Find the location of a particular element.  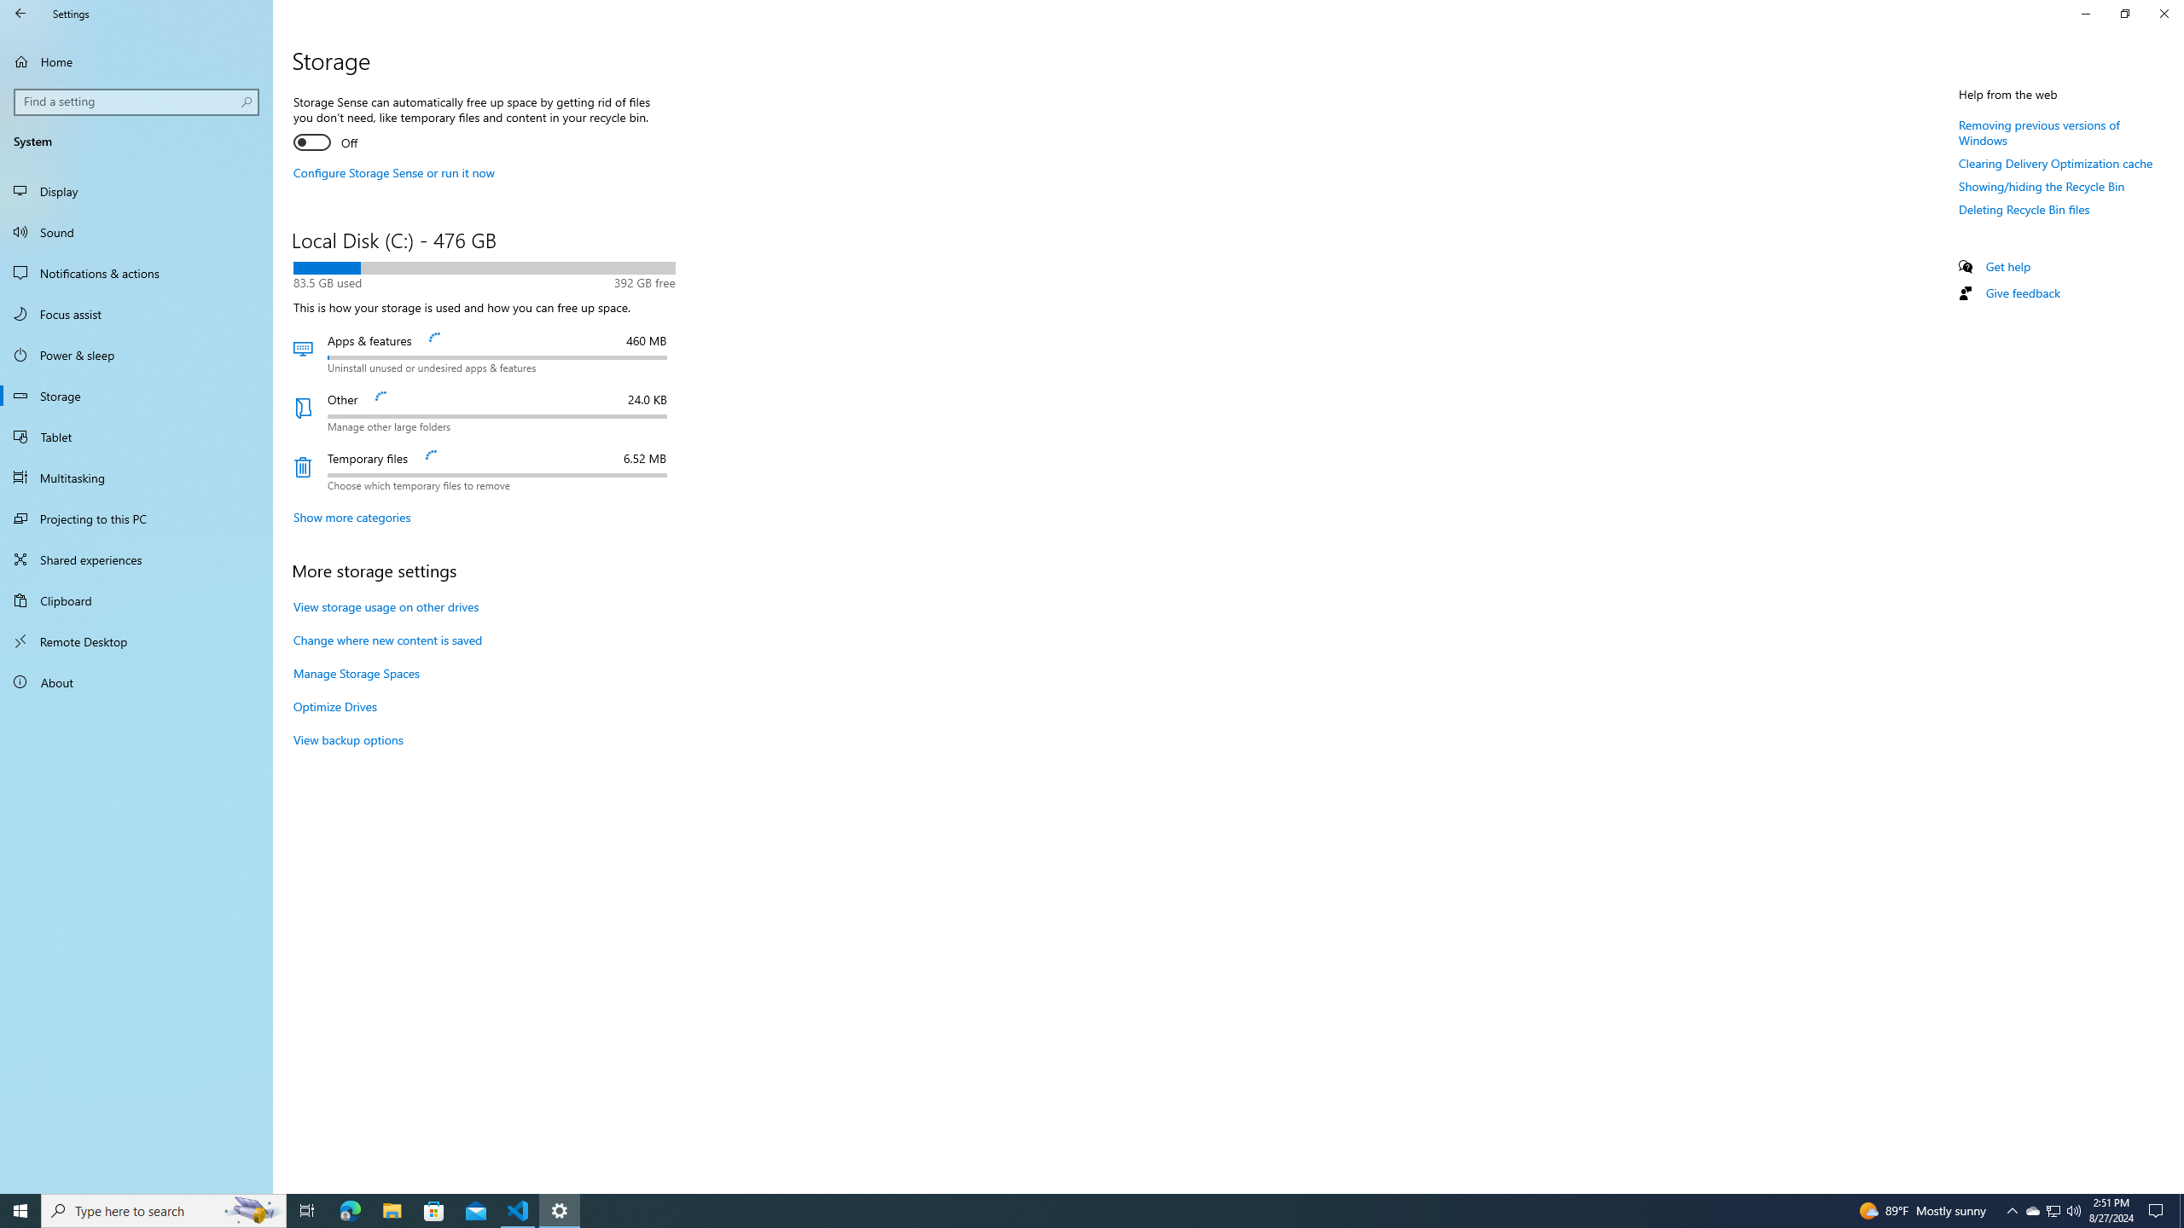

'Other' is located at coordinates (483, 411).